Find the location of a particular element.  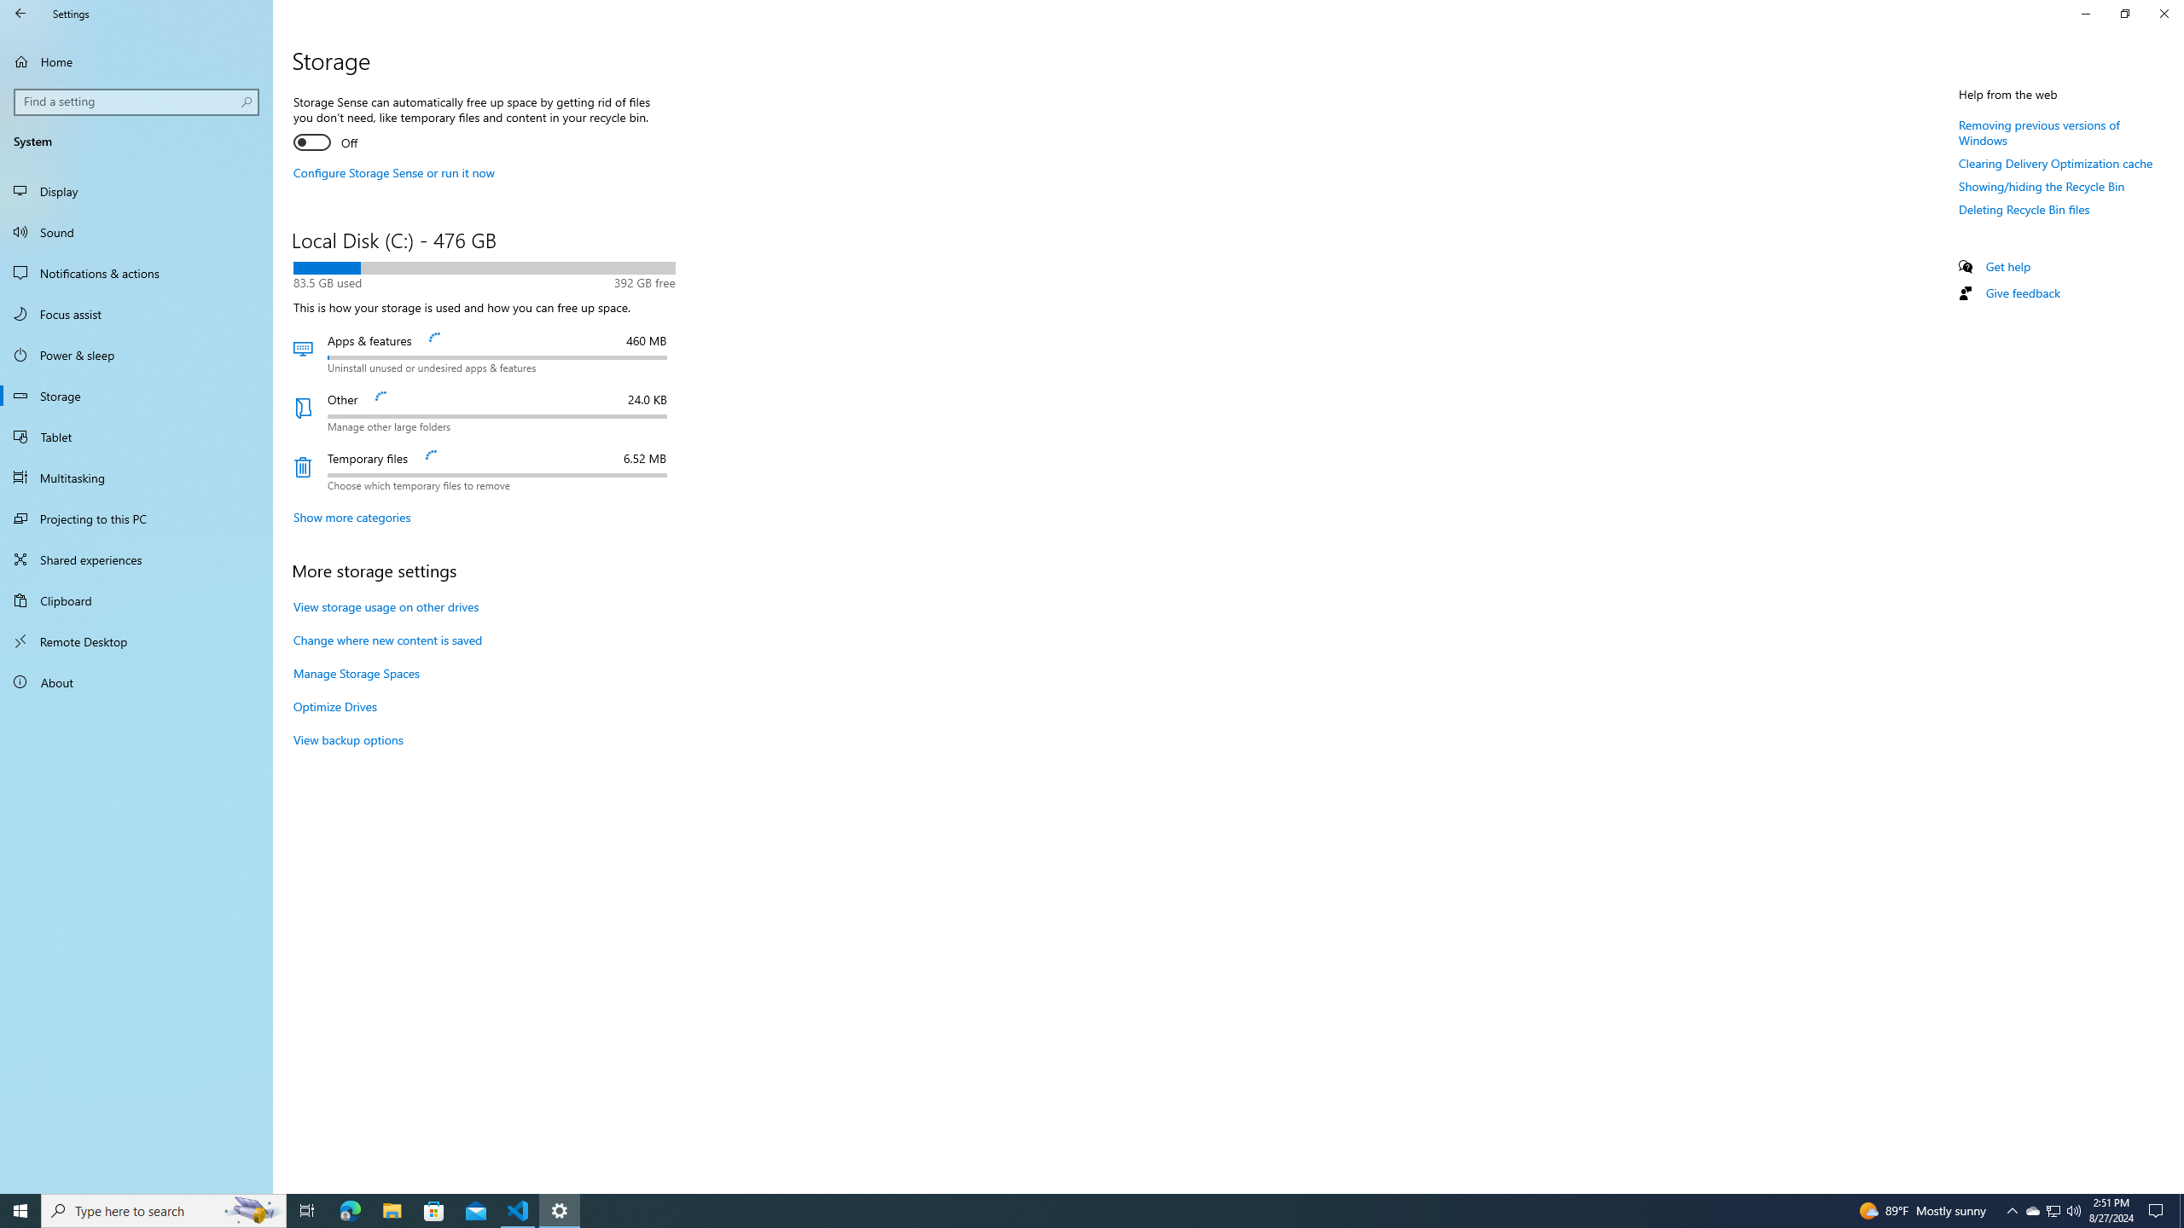

'Other' is located at coordinates (483, 411).